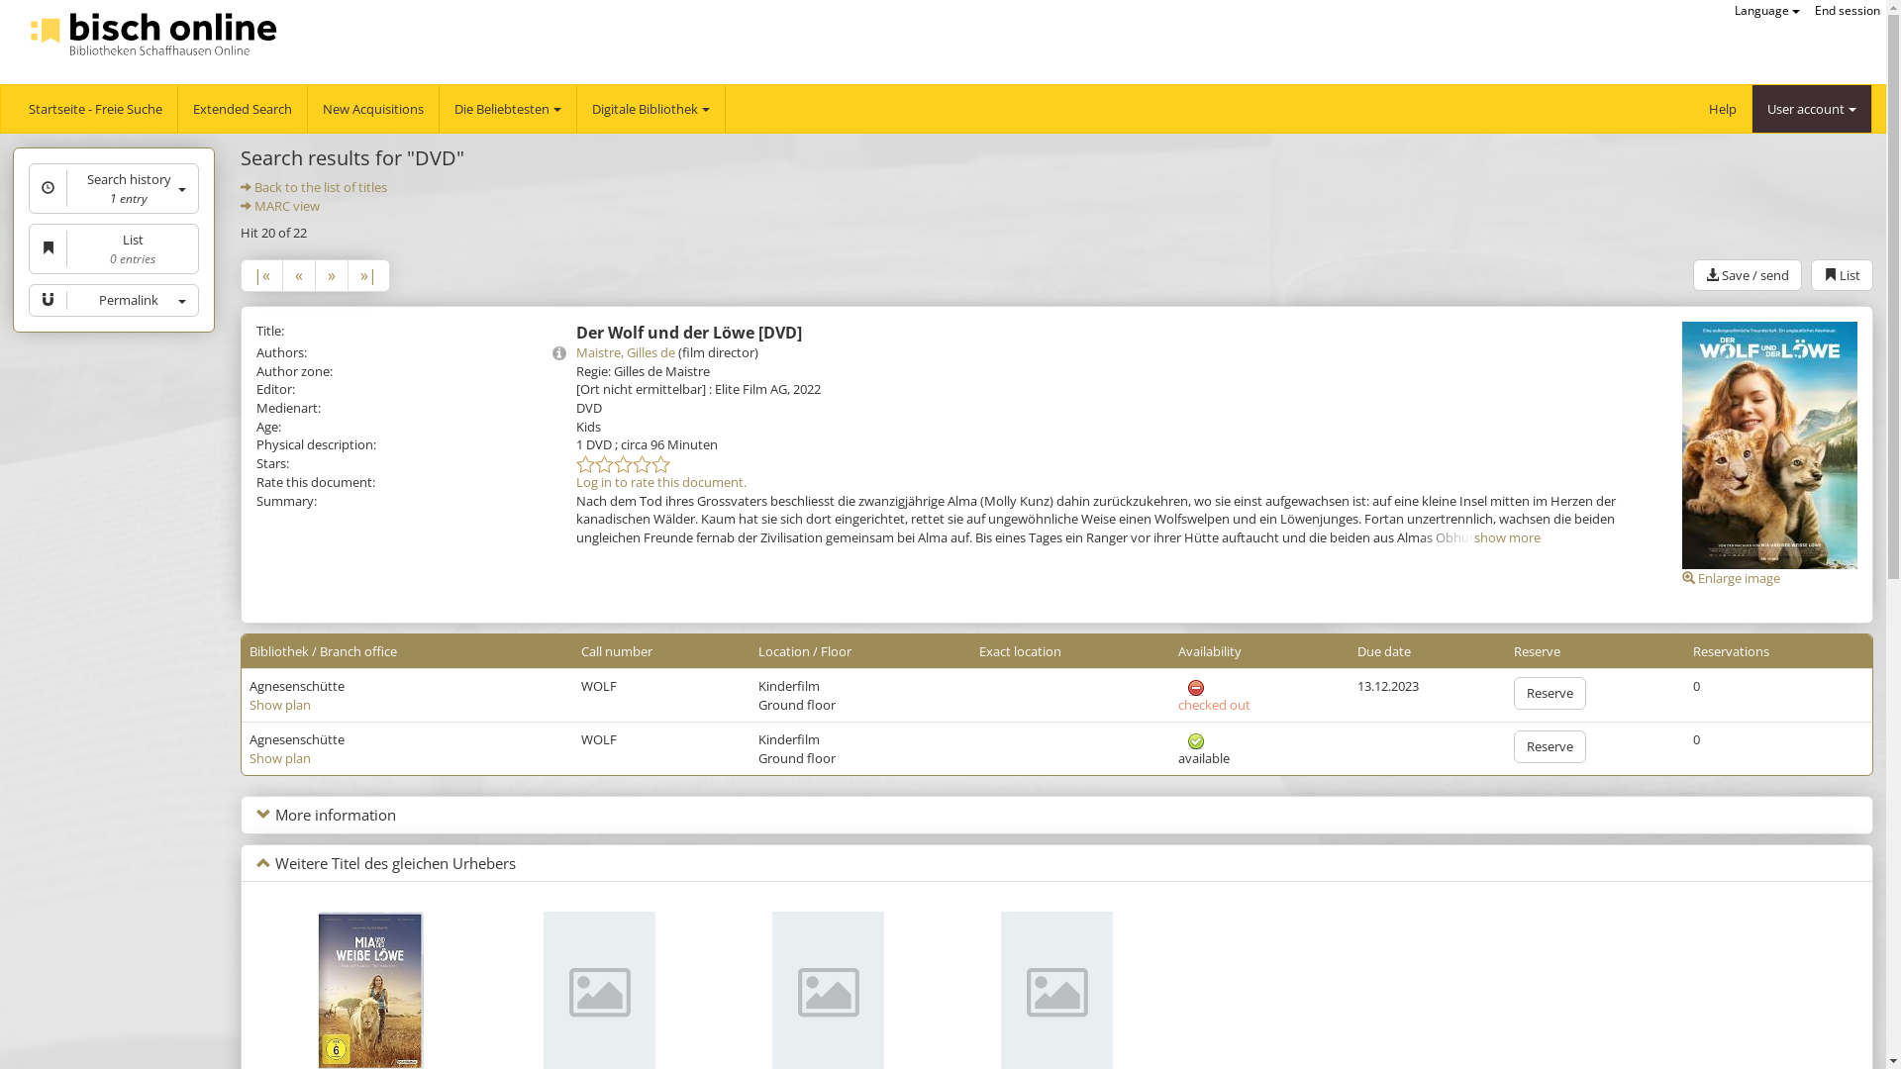  What do you see at coordinates (650, 109) in the screenshot?
I see `'Digitale Bibliothek'` at bounding box center [650, 109].